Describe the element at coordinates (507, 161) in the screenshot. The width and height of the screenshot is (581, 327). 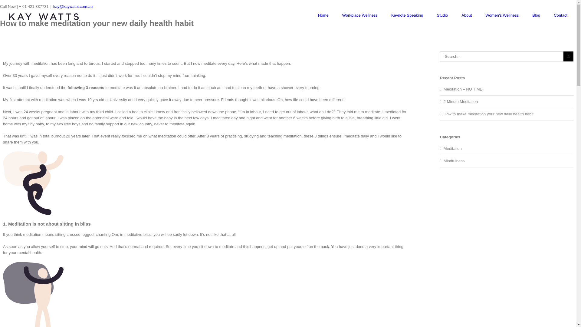
I see `'Mindfulness'` at that location.